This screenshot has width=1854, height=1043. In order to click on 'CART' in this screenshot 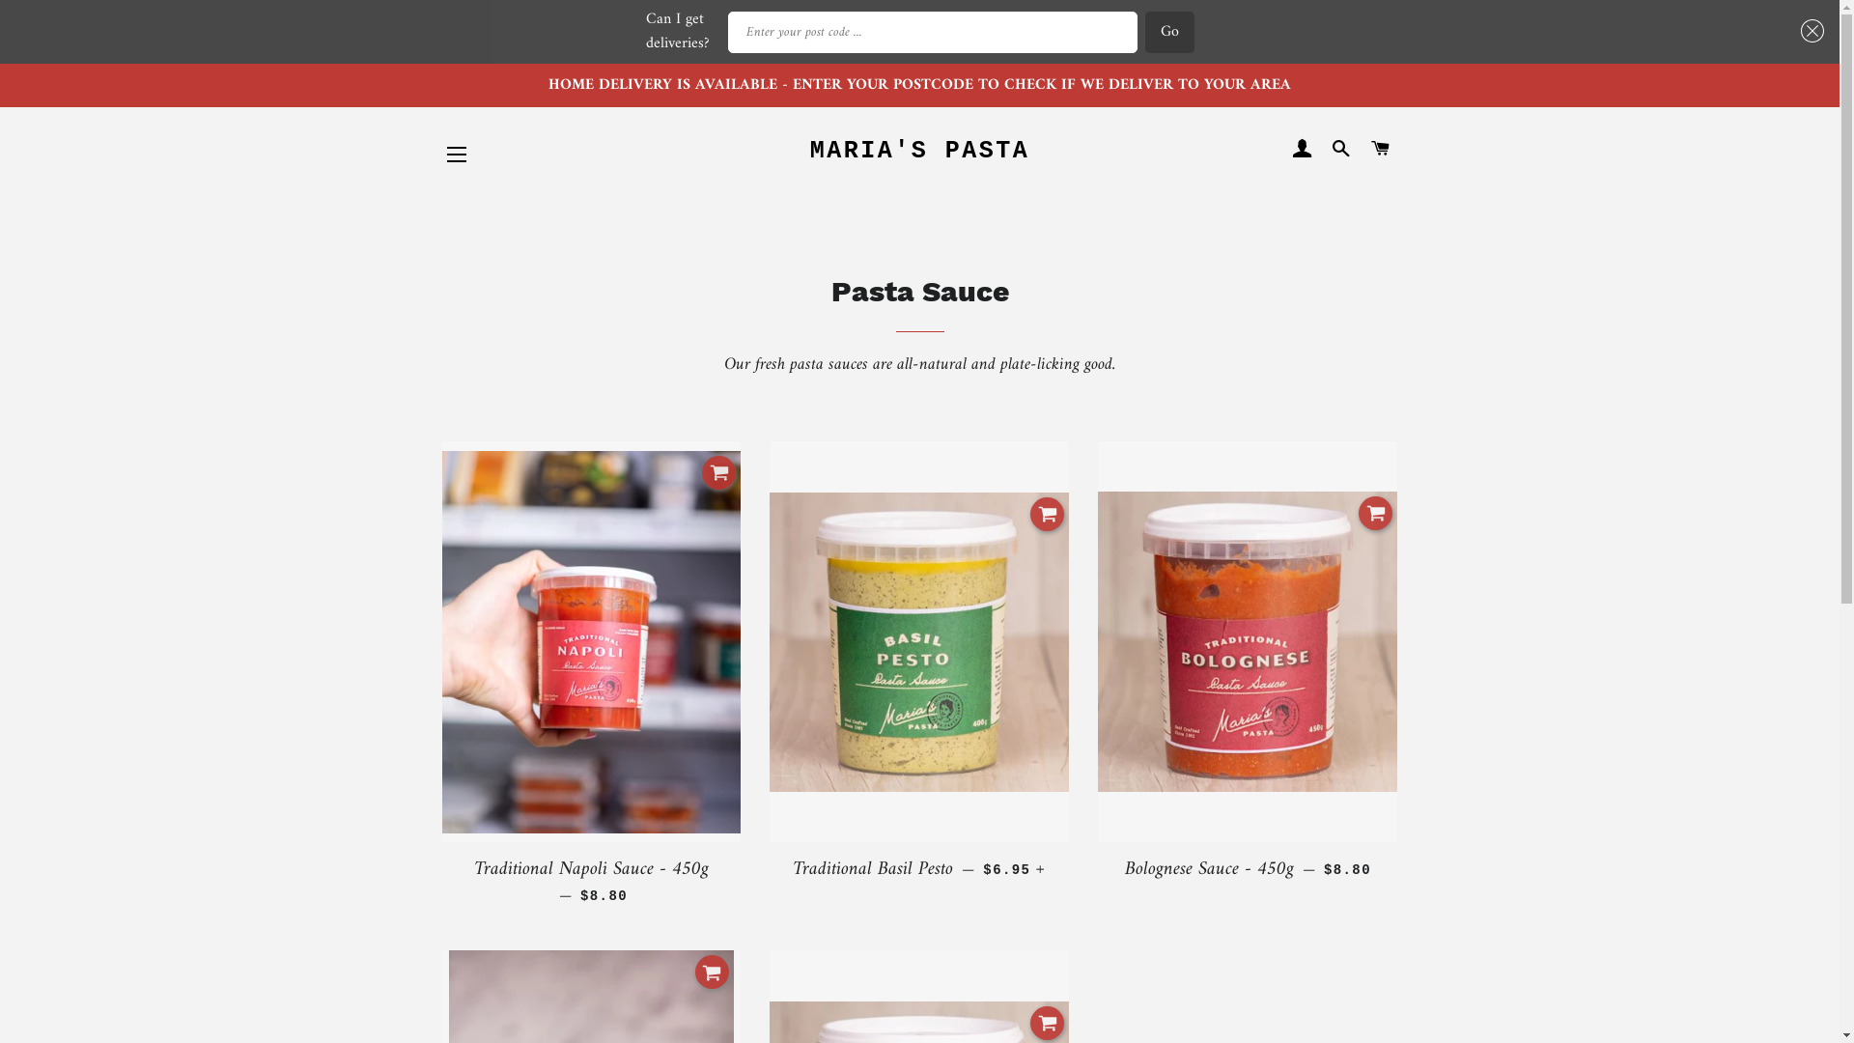, I will do `click(1379, 149)`.